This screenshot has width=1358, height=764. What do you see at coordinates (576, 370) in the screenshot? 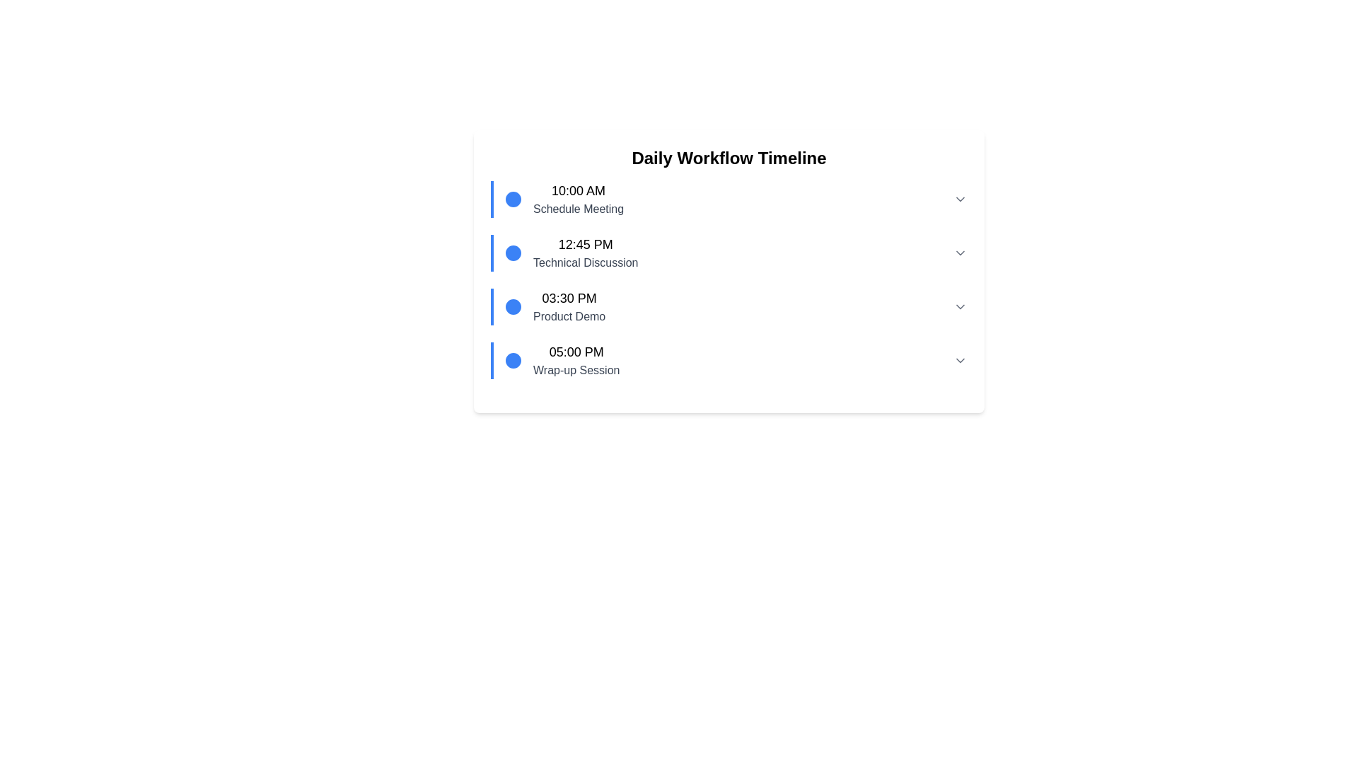
I see `the 'Wrap-up Session' text label, which is located at the bottom of the timeline list and is the second line of the fourth timeline item, directly underneath the time label '05:00 PM'` at bounding box center [576, 370].